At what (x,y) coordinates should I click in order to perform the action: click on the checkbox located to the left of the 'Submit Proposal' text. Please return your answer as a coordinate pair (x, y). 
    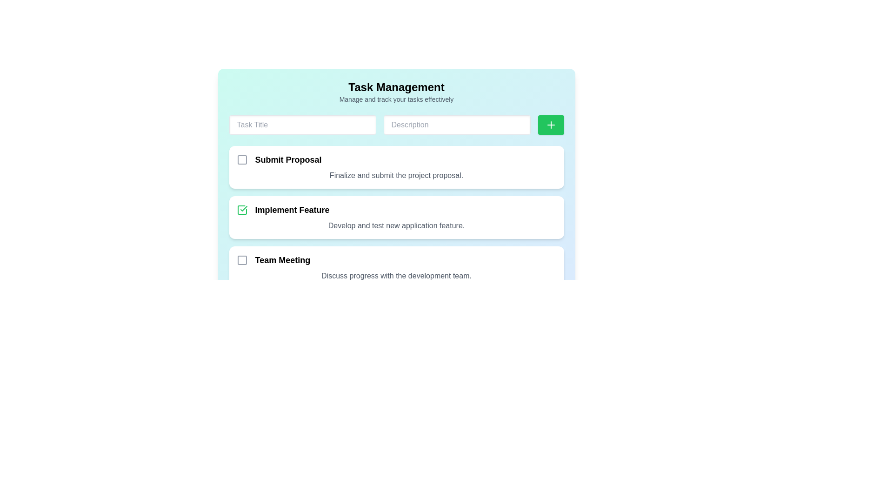
    Looking at the image, I should click on (242, 159).